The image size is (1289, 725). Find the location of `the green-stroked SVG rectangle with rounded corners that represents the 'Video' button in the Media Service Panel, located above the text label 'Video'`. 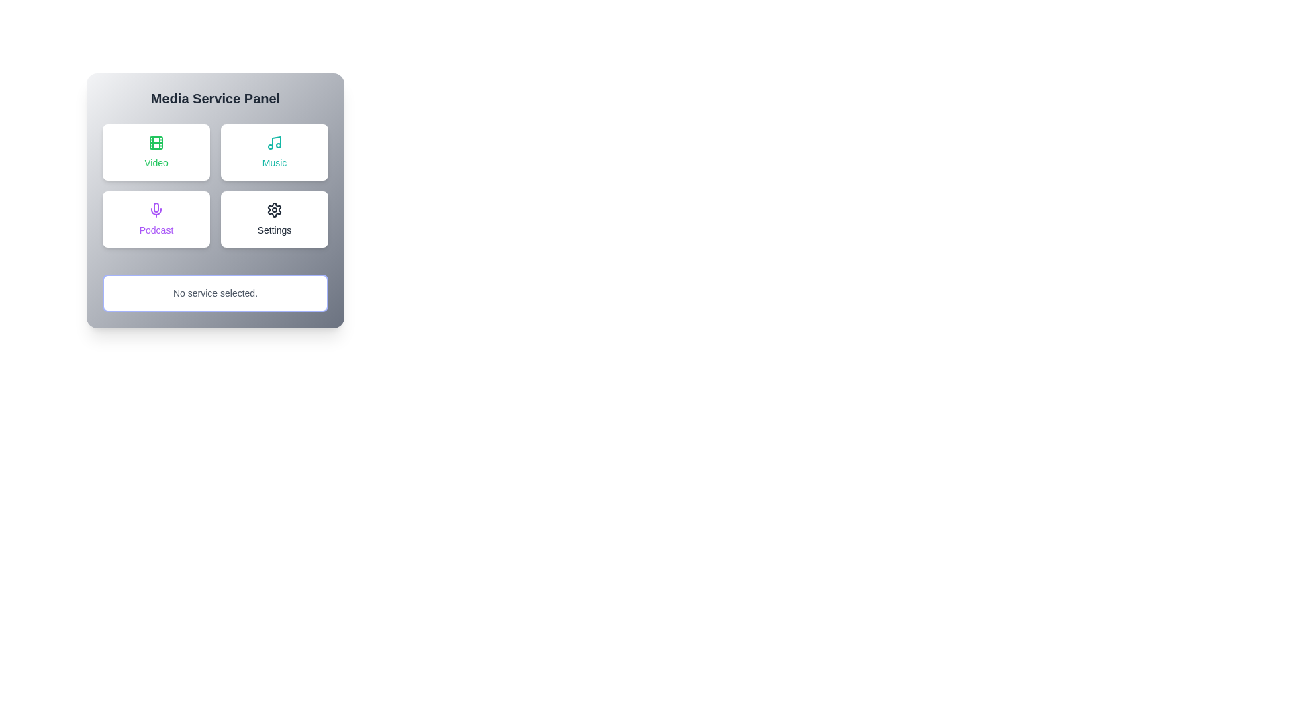

the green-stroked SVG rectangle with rounded corners that represents the 'Video' button in the Media Service Panel, located above the text label 'Video' is located at coordinates (156, 142).